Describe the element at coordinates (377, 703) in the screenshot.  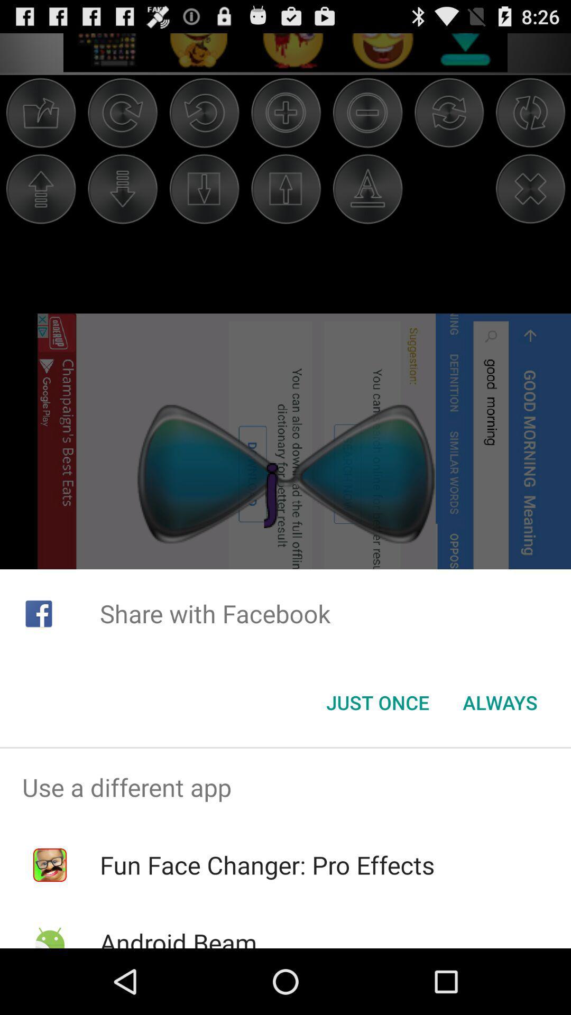
I see `the icon next to the always` at that location.